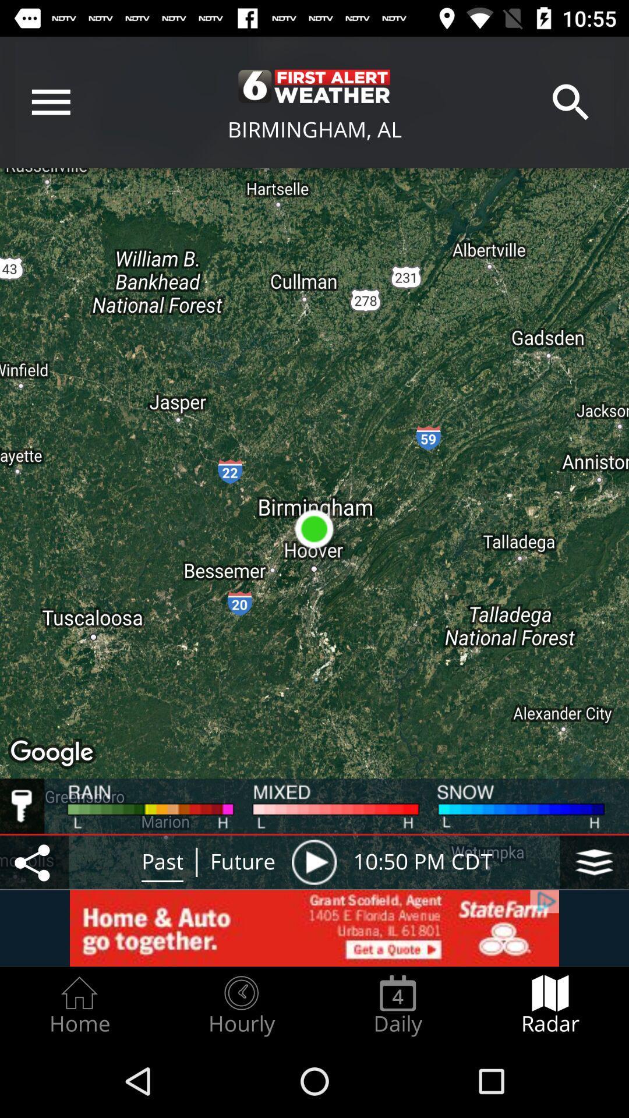  I want to click on the hourly radio button, so click(241, 1005).